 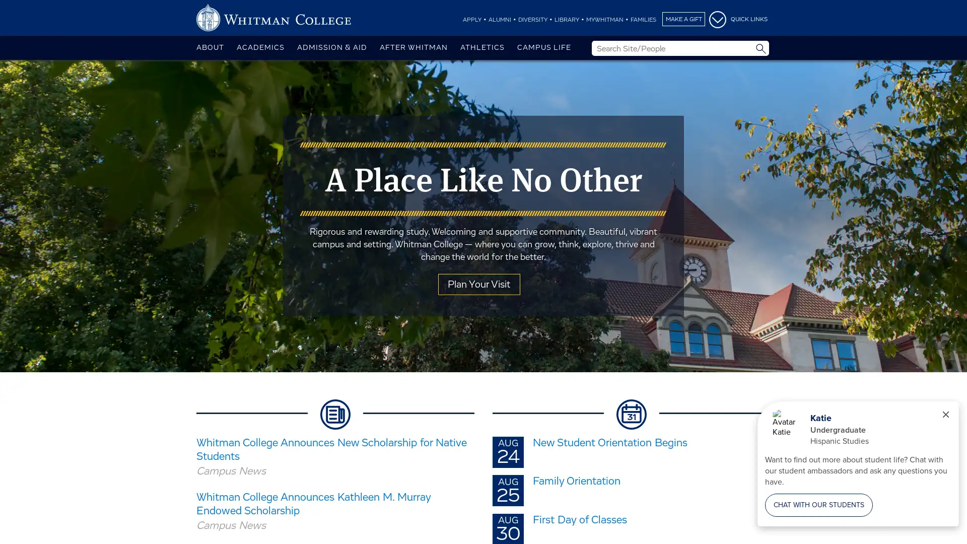 What do you see at coordinates (794, 48) in the screenshot?
I see `People` at bounding box center [794, 48].